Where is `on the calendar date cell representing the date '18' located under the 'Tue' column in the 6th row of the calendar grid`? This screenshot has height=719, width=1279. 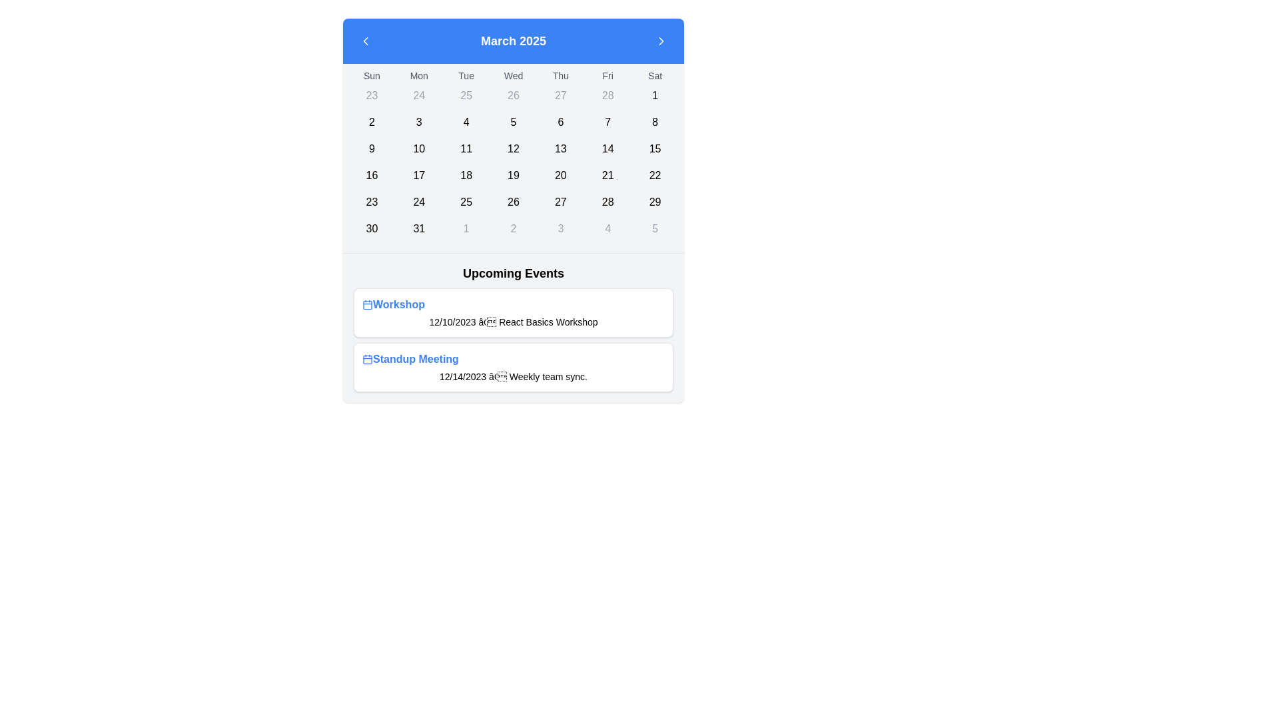
on the calendar date cell representing the date '18' located under the 'Tue' column in the 6th row of the calendar grid is located at coordinates (466, 174).